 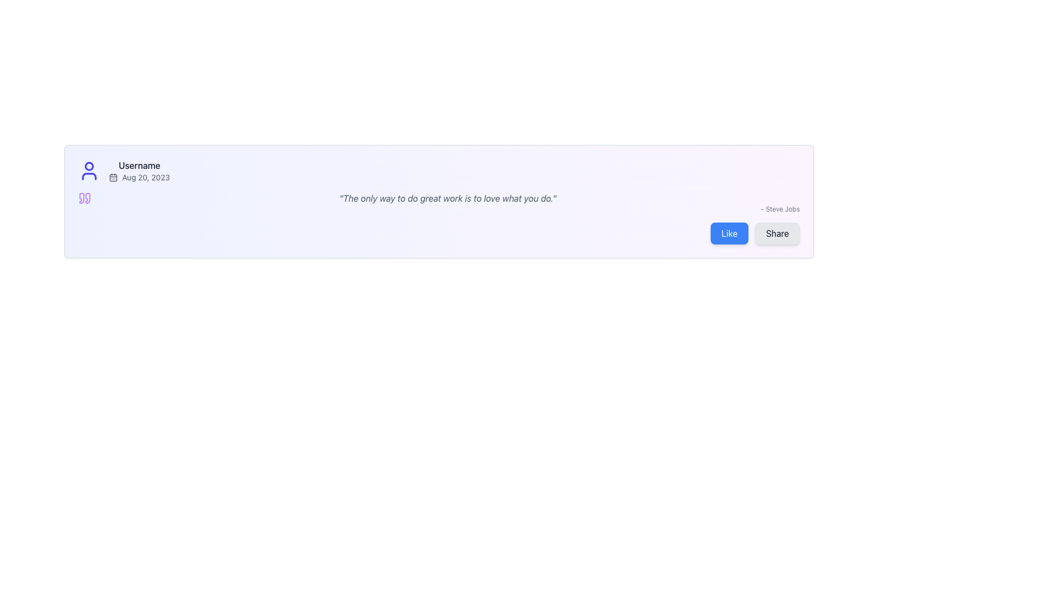 I want to click on text content of the user name and date displayed in the Text Block, positioned at the top-left of the card layout adjacent to the user icon, so click(x=139, y=171).